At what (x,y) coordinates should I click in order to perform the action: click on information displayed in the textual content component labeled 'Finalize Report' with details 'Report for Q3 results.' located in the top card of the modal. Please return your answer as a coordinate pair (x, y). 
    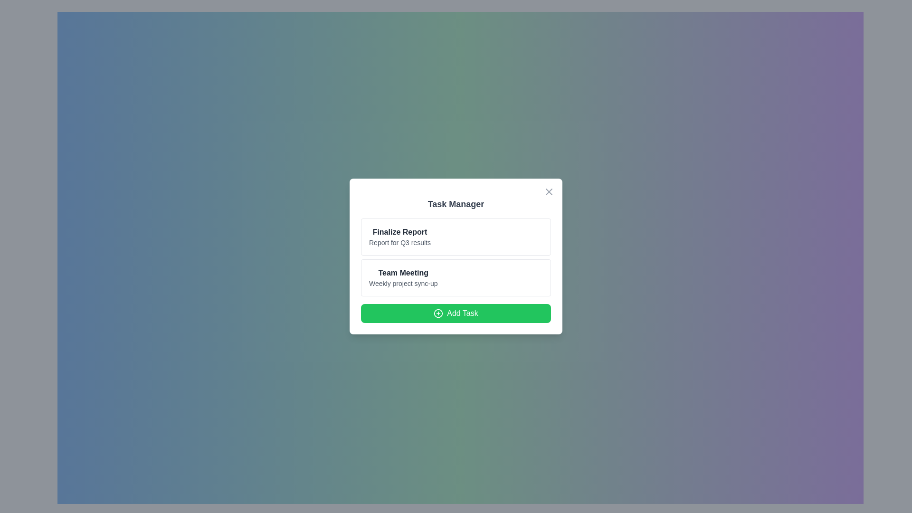
    Looking at the image, I should click on (399, 236).